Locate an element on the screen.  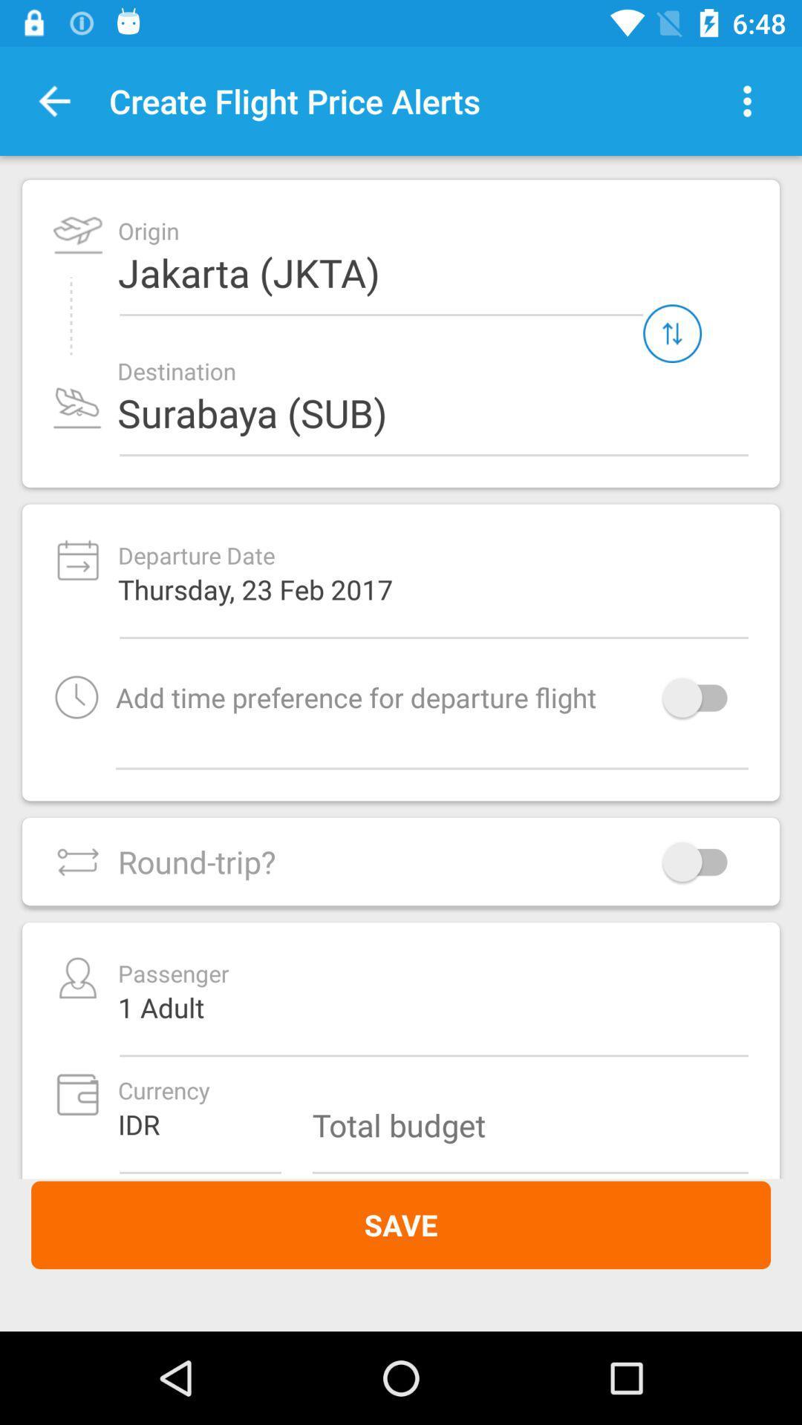
round trip button is located at coordinates (702, 862).